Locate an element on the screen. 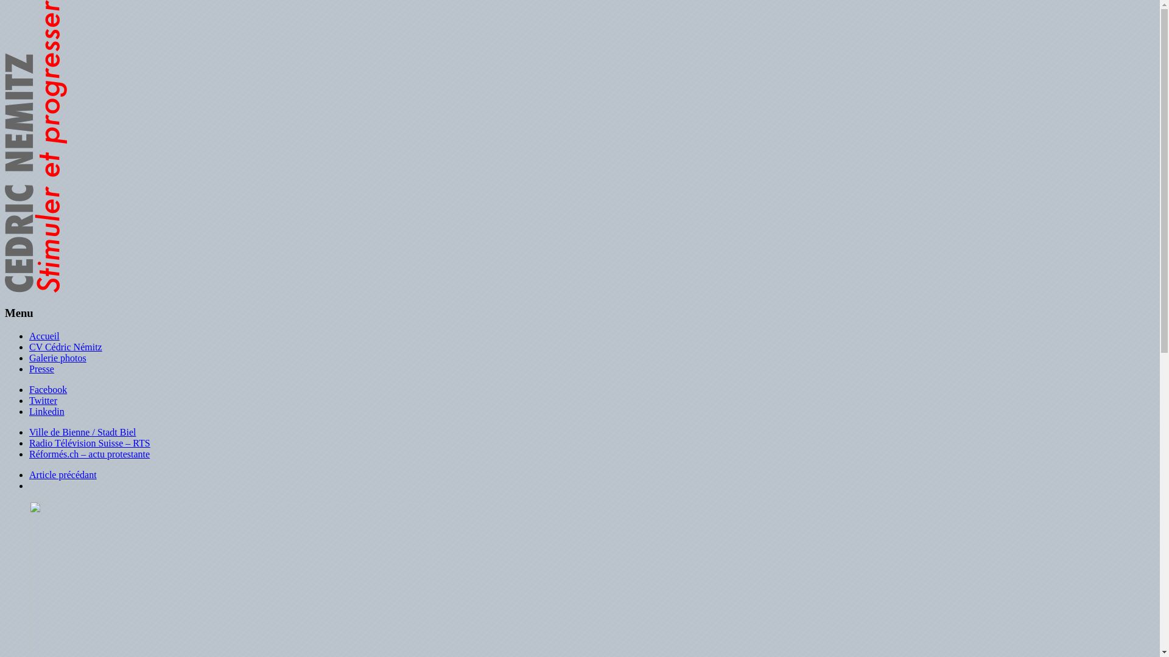  'Linkedin' is located at coordinates (46, 411).